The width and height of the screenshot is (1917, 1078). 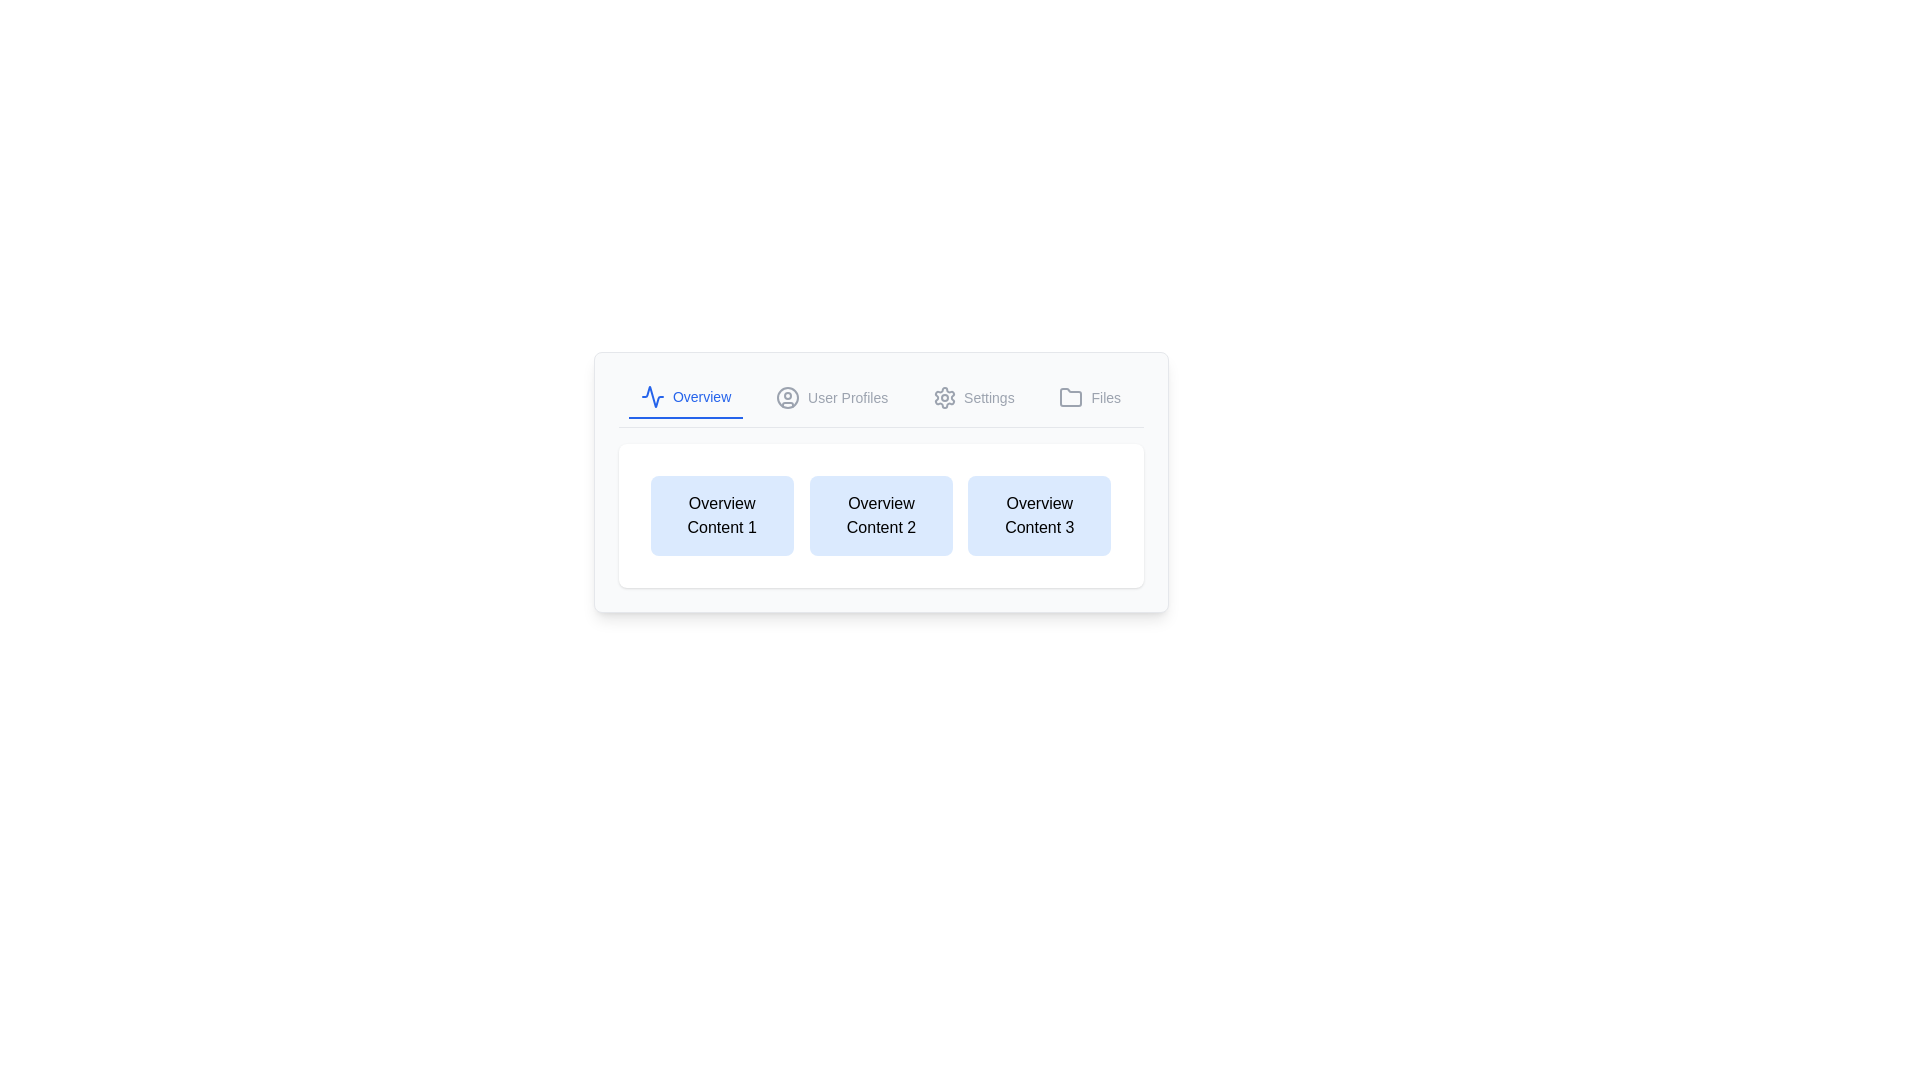 I want to click on the outermost circular part of the icon that is part of the horizontal navigation structure, which is located near the icons labeled 'Overview' and 'User Profiles', so click(x=787, y=397).